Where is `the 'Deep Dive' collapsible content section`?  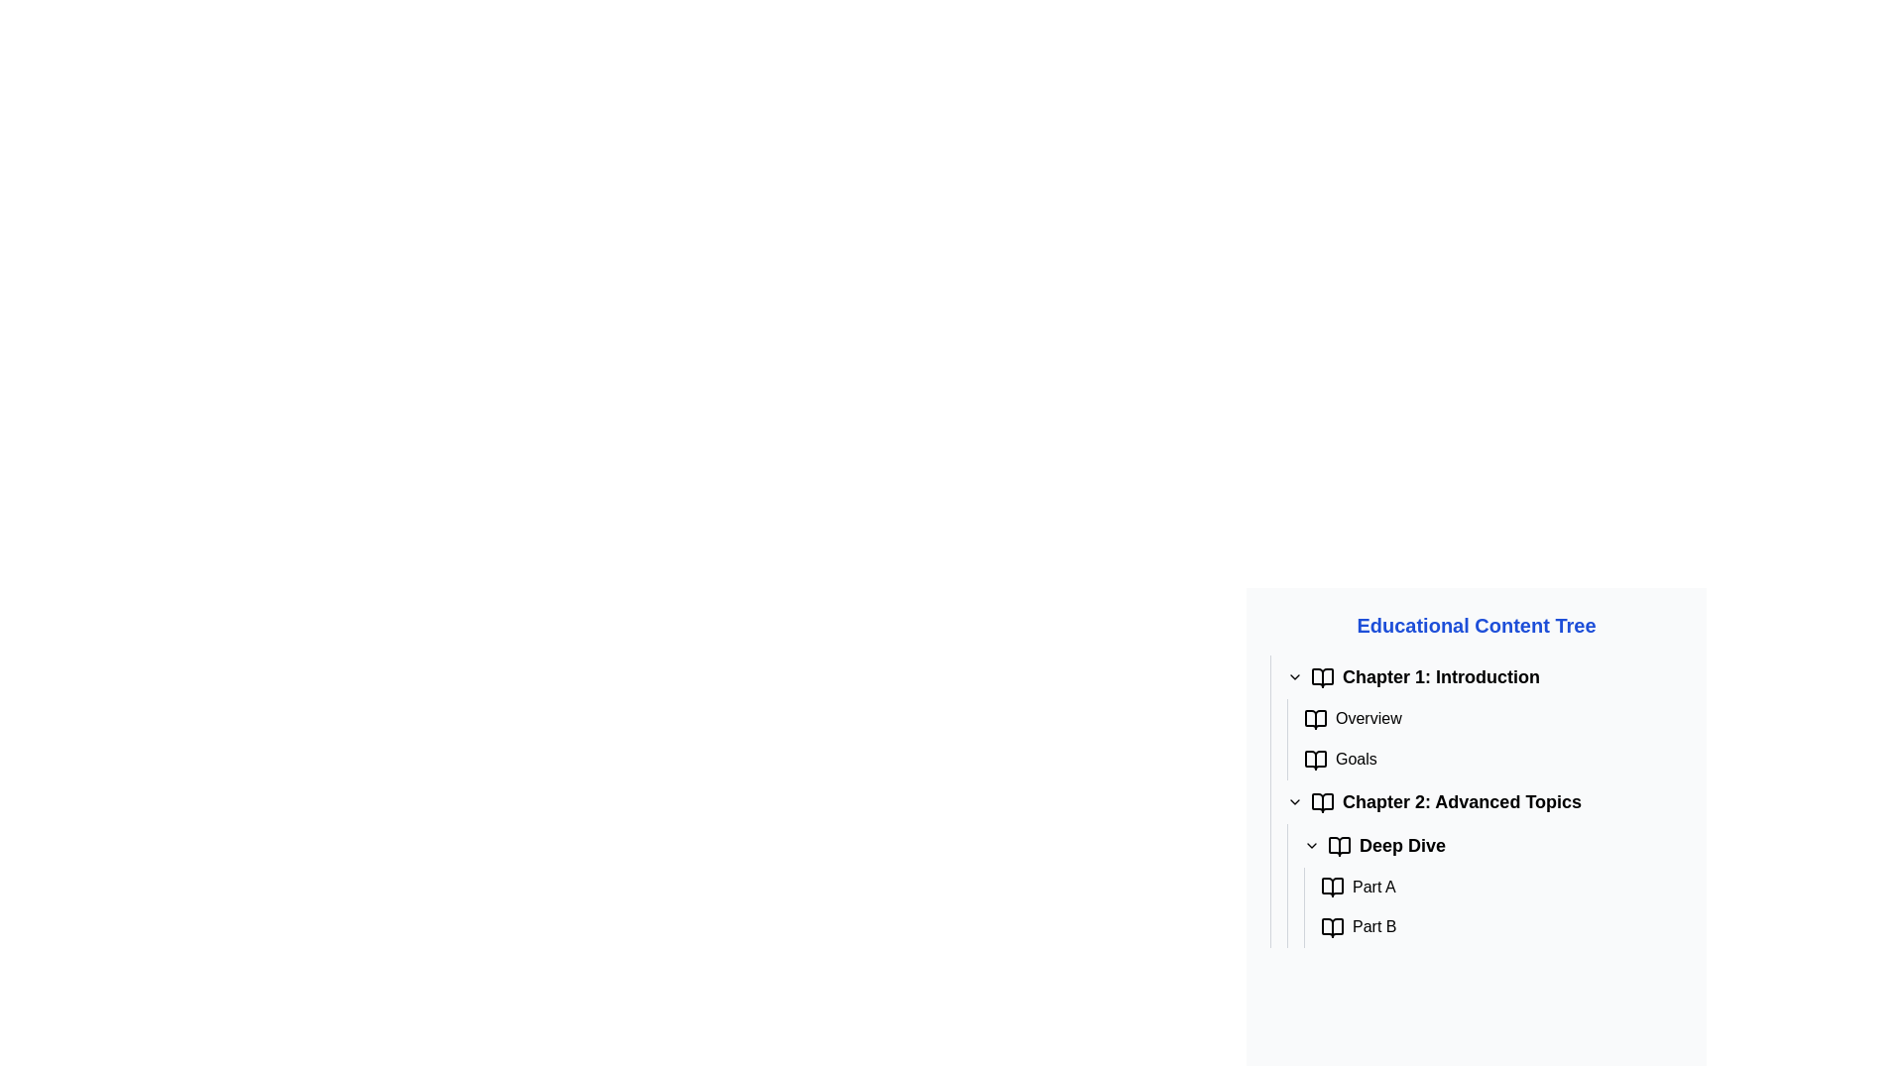 the 'Deep Dive' collapsible content section is located at coordinates (1485, 885).